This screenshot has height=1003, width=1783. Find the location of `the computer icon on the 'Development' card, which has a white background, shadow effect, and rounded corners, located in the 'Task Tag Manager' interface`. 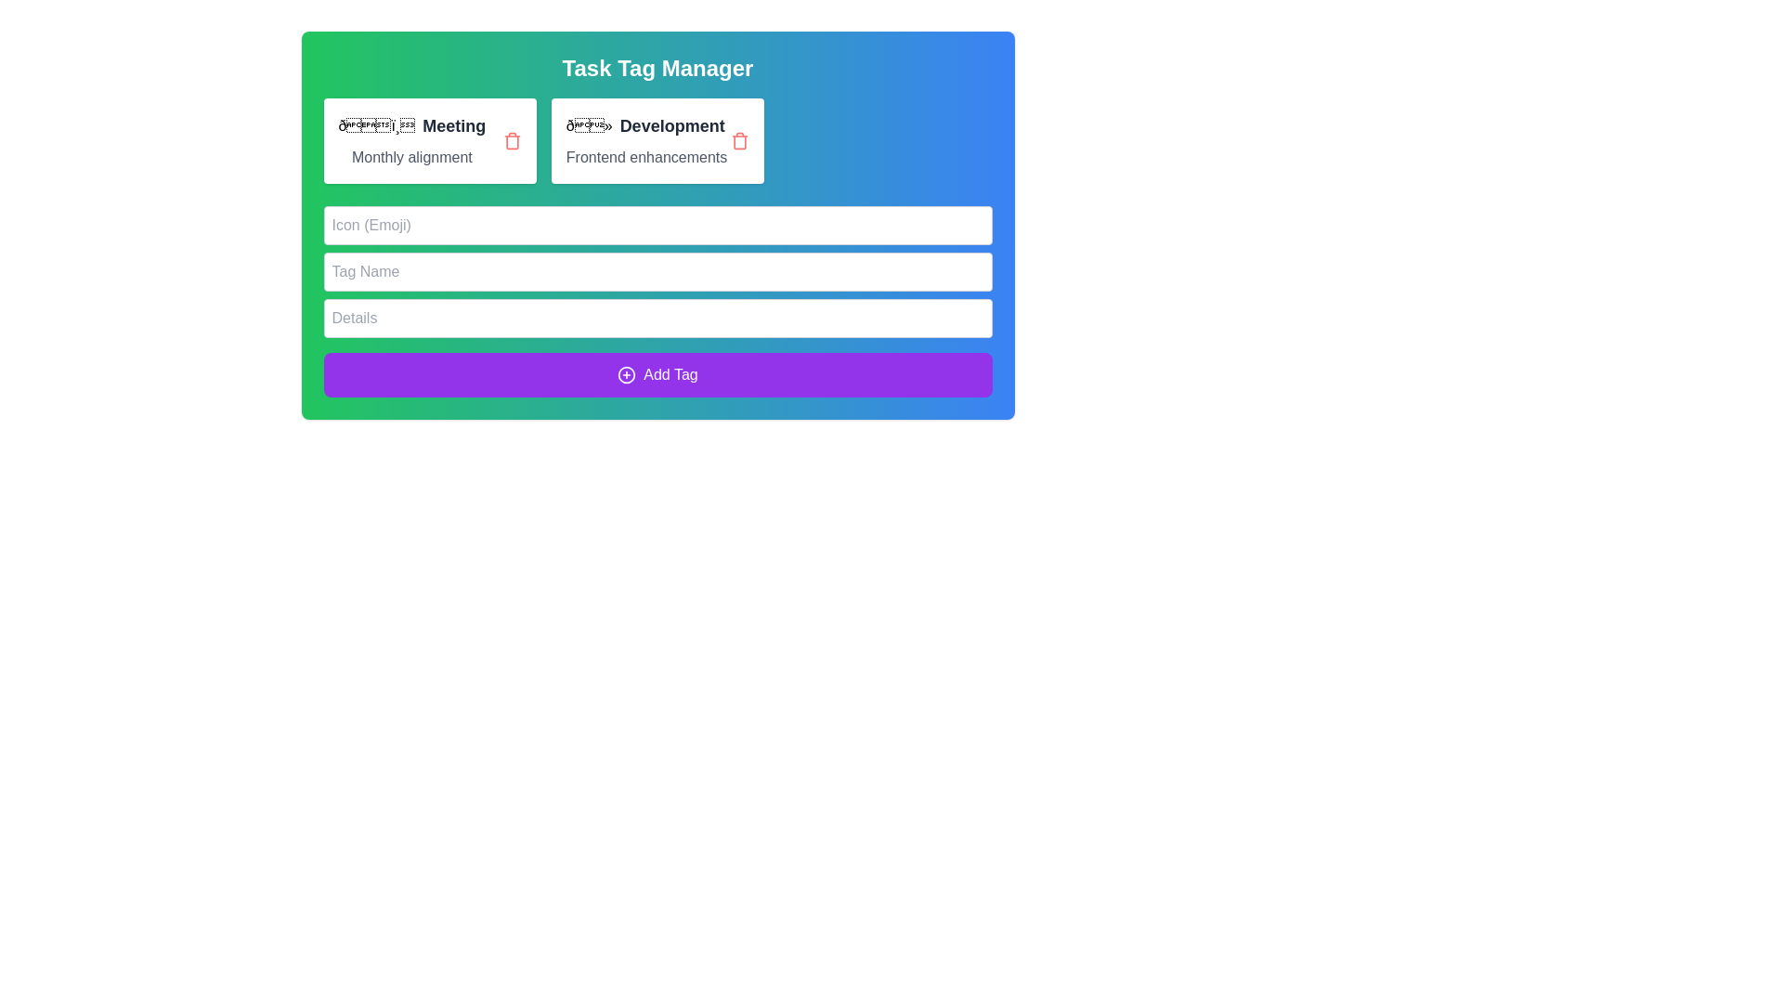

the computer icon on the 'Development' card, which has a white background, shadow effect, and rounded corners, located in the 'Task Tag Manager' interface is located at coordinates (657, 139).